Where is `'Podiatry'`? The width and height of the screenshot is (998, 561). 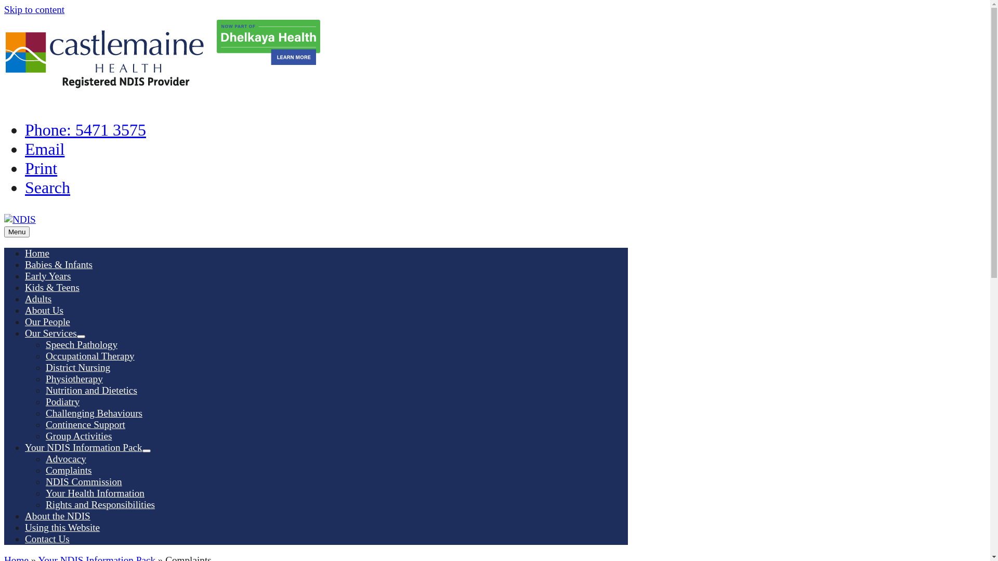 'Podiatry' is located at coordinates (62, 401).